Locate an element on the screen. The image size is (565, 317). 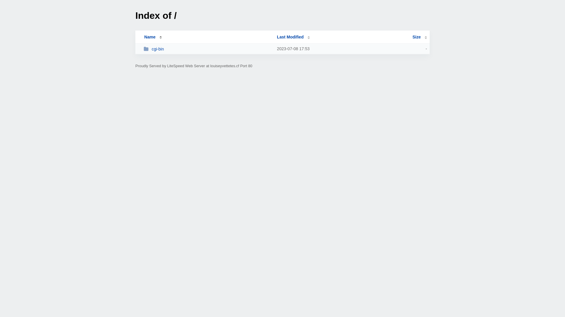
'Name' is located at coordinates (149, 37).